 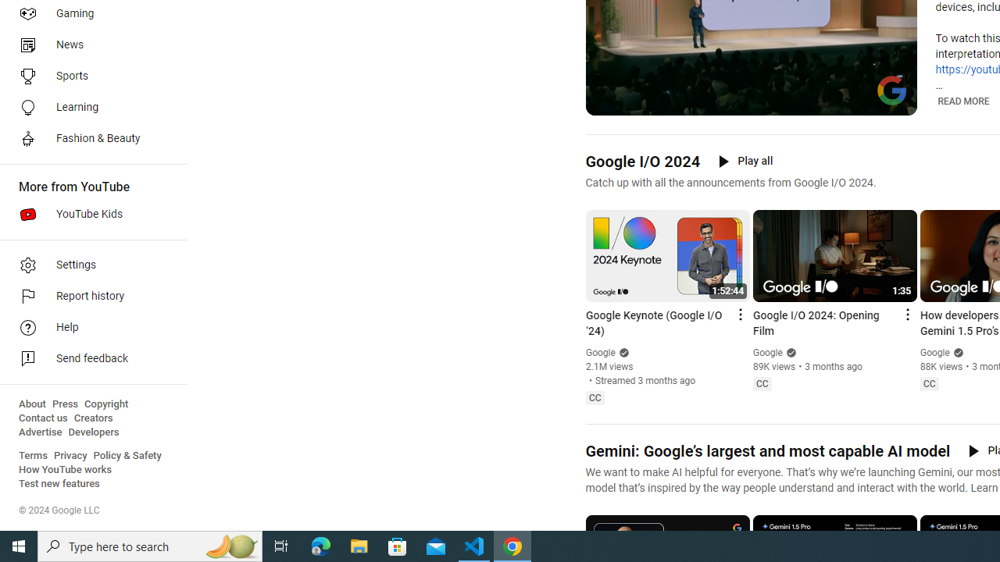 I want to click on 'Contact us', so click(x=43, y=418).